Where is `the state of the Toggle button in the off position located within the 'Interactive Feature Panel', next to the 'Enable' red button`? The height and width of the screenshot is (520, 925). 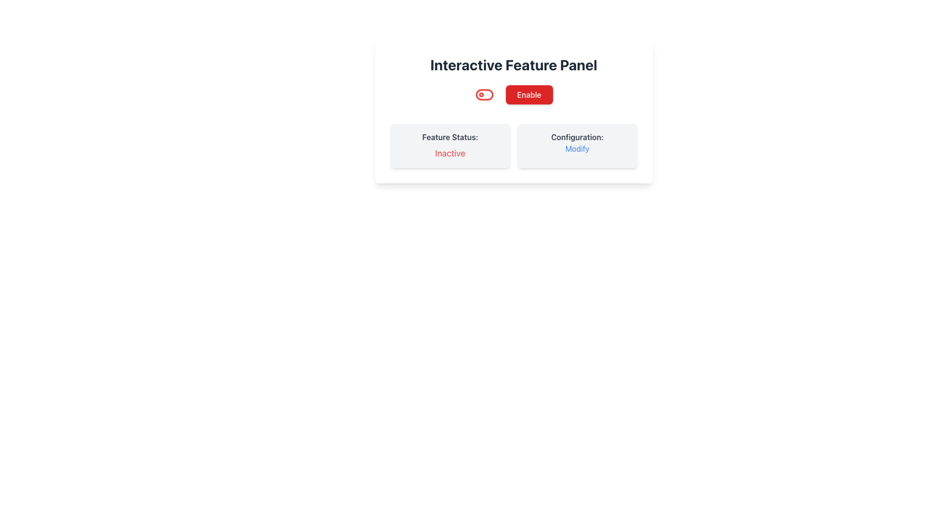 the state of the Toggle button in the off position located within the 'Interactive Feature Panel', next to the 'Enable' red button is located at coordinates (484, 94).